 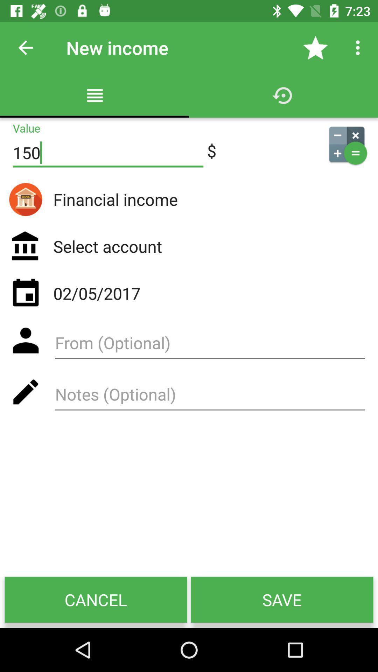 I want to click on type from who, so click(x=210, y=345).